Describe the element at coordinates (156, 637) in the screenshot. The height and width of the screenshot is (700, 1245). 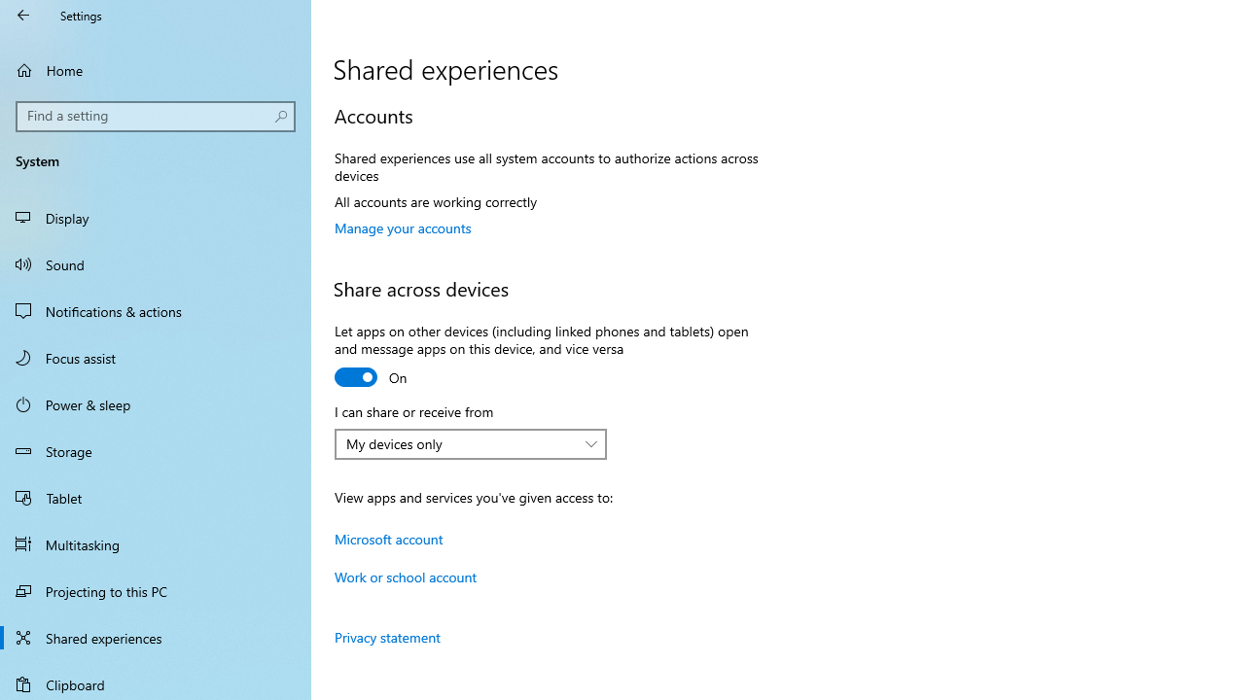
I see `'Shared experiences'` at that location.